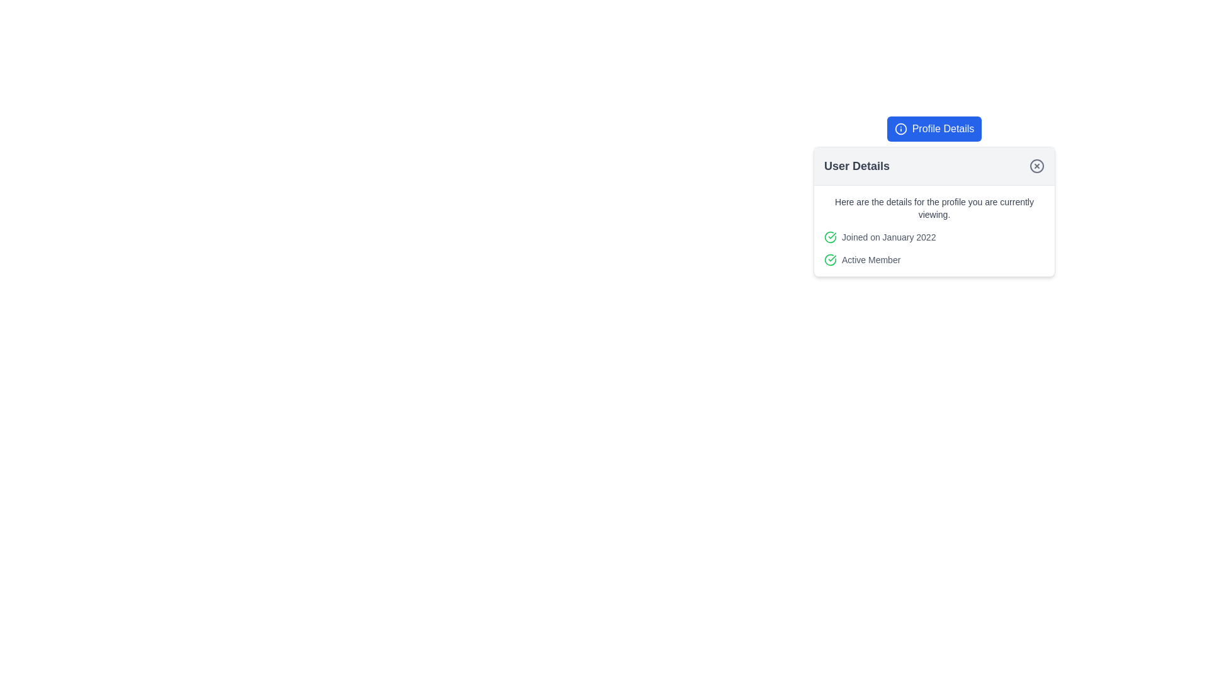 Image resolution: width=1209 pixels, height=680 pixels. What do you see at coordinates (934, 237) in the screenshot?
I see `the user details element displaying 'Joined on January 2022' with a green circular checkmark icon, located in the card layout under 'User Details'` at bounding box center [934, 237].